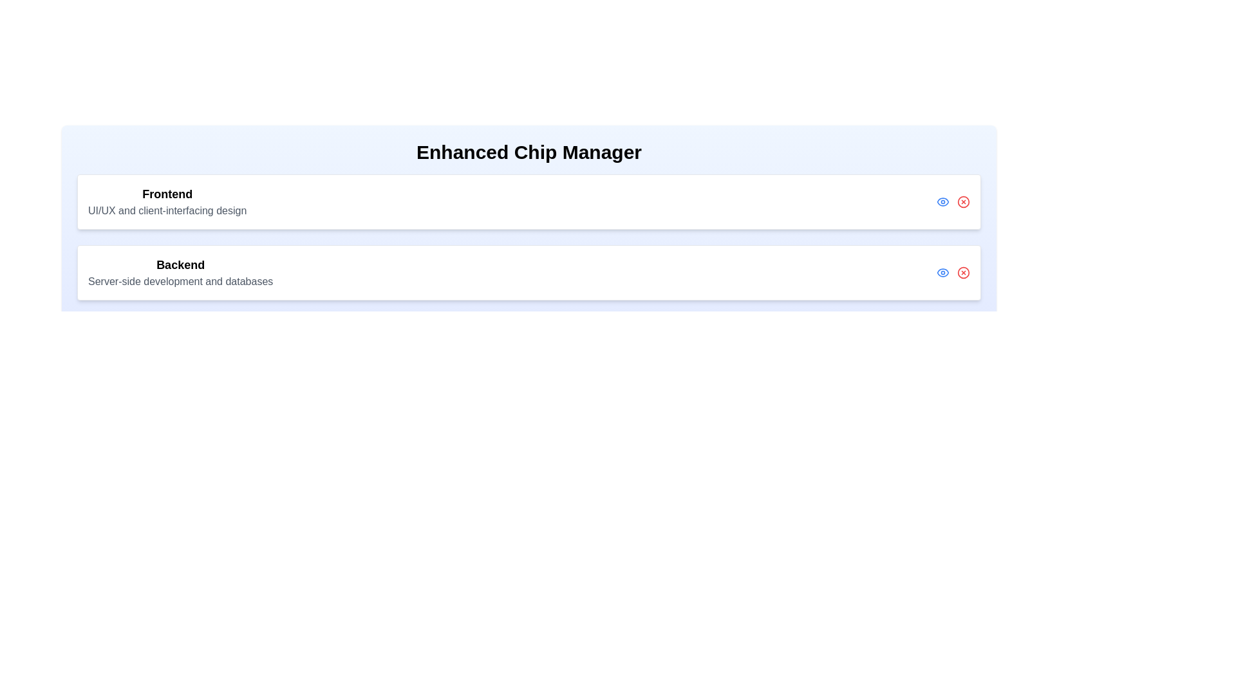 This screenshot has height=695, width=1236. I want to click on remove button for the item with the name Frontend, so click(964, 201).